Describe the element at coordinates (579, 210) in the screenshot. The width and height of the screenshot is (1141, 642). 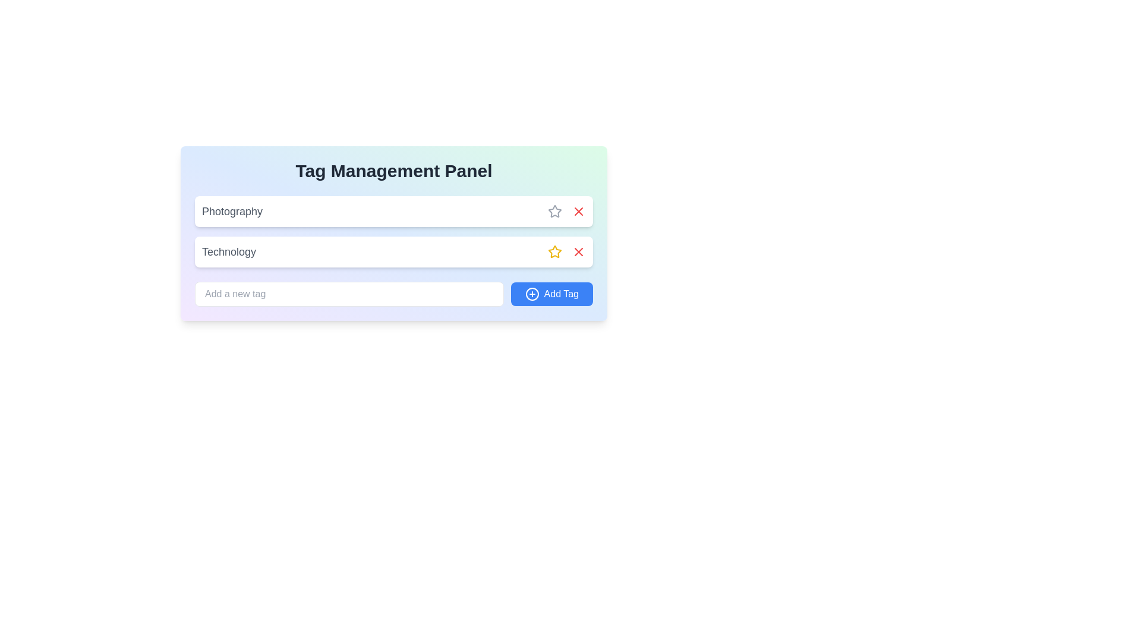
I see `the icon that allows users to remove the 'Photography' tag from the tag list, located in the top right corner of the first row of tags` at that location.